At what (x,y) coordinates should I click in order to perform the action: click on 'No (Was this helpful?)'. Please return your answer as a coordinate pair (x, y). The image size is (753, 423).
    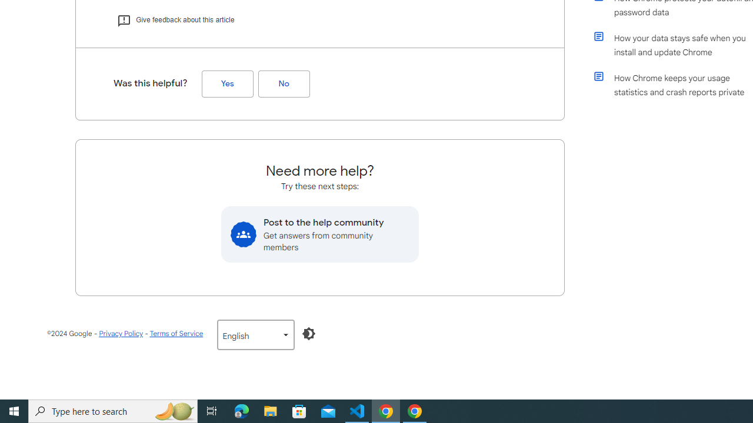
    Looking at the image, I should click on (284, 83).